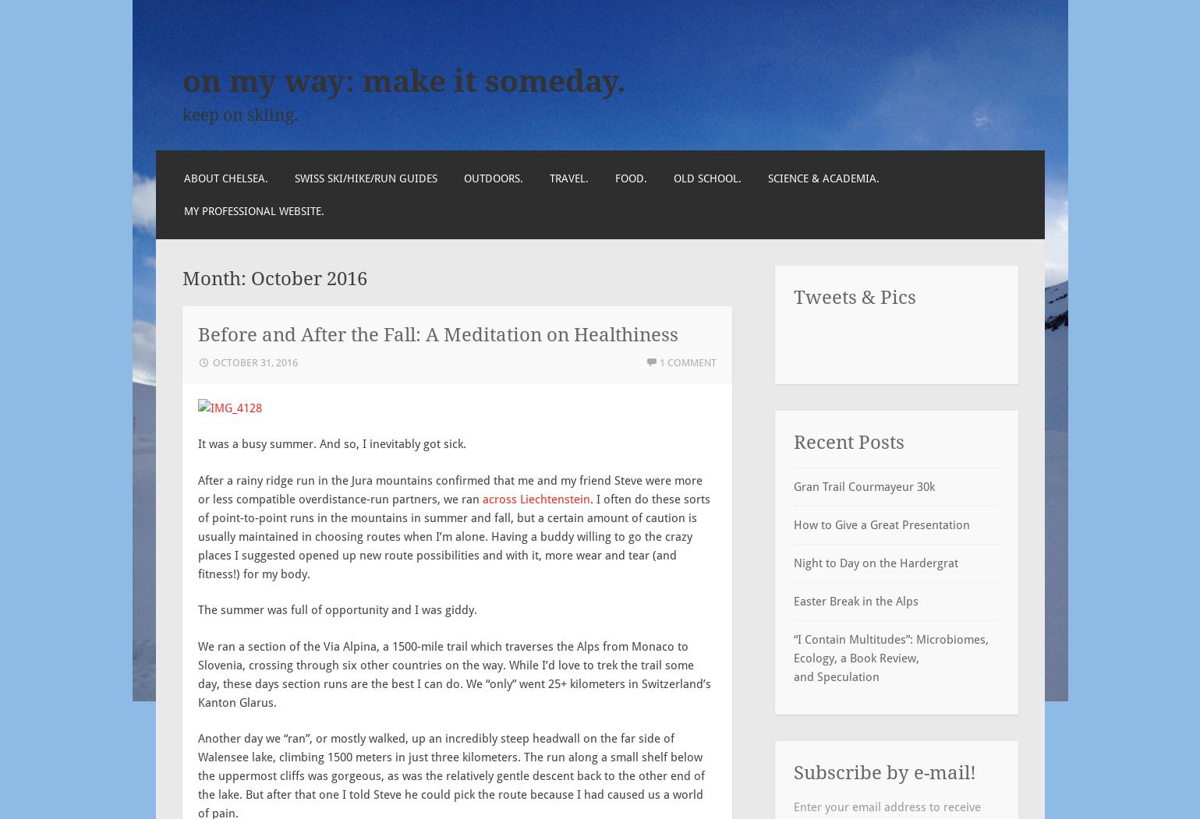  I want to click on 'Tweets & Pics', so click(853, 296).